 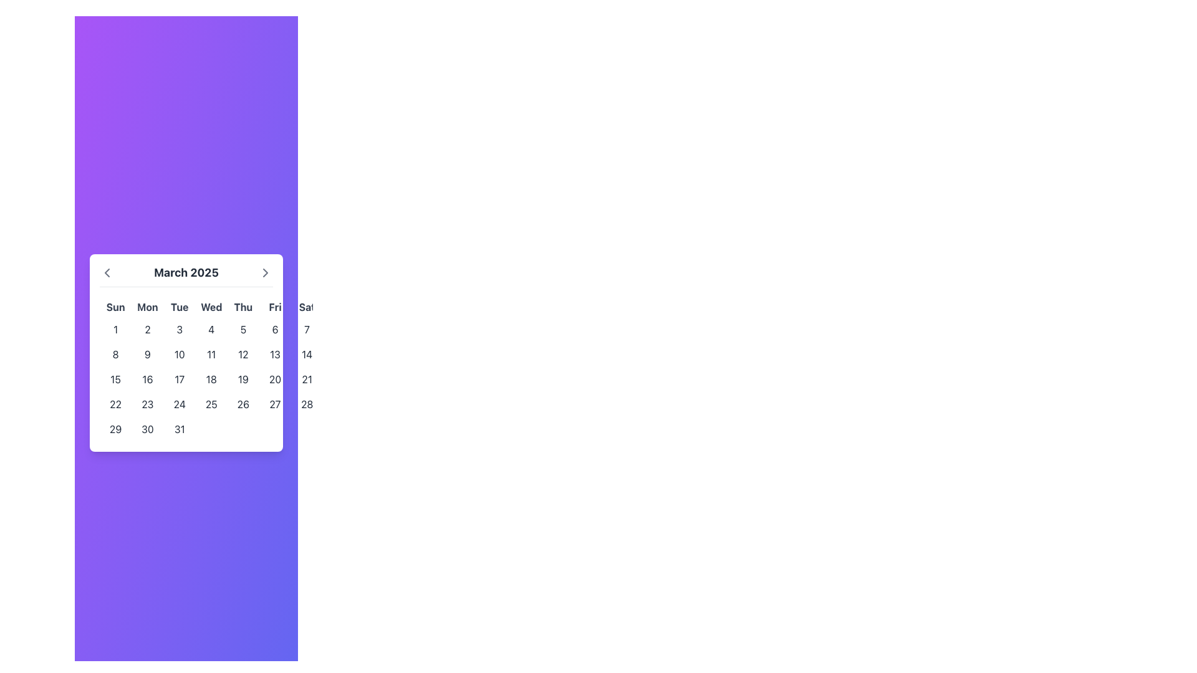 I want to click on the text label displaying the number '11' in the calendar interface, so click(x=211, y=354).